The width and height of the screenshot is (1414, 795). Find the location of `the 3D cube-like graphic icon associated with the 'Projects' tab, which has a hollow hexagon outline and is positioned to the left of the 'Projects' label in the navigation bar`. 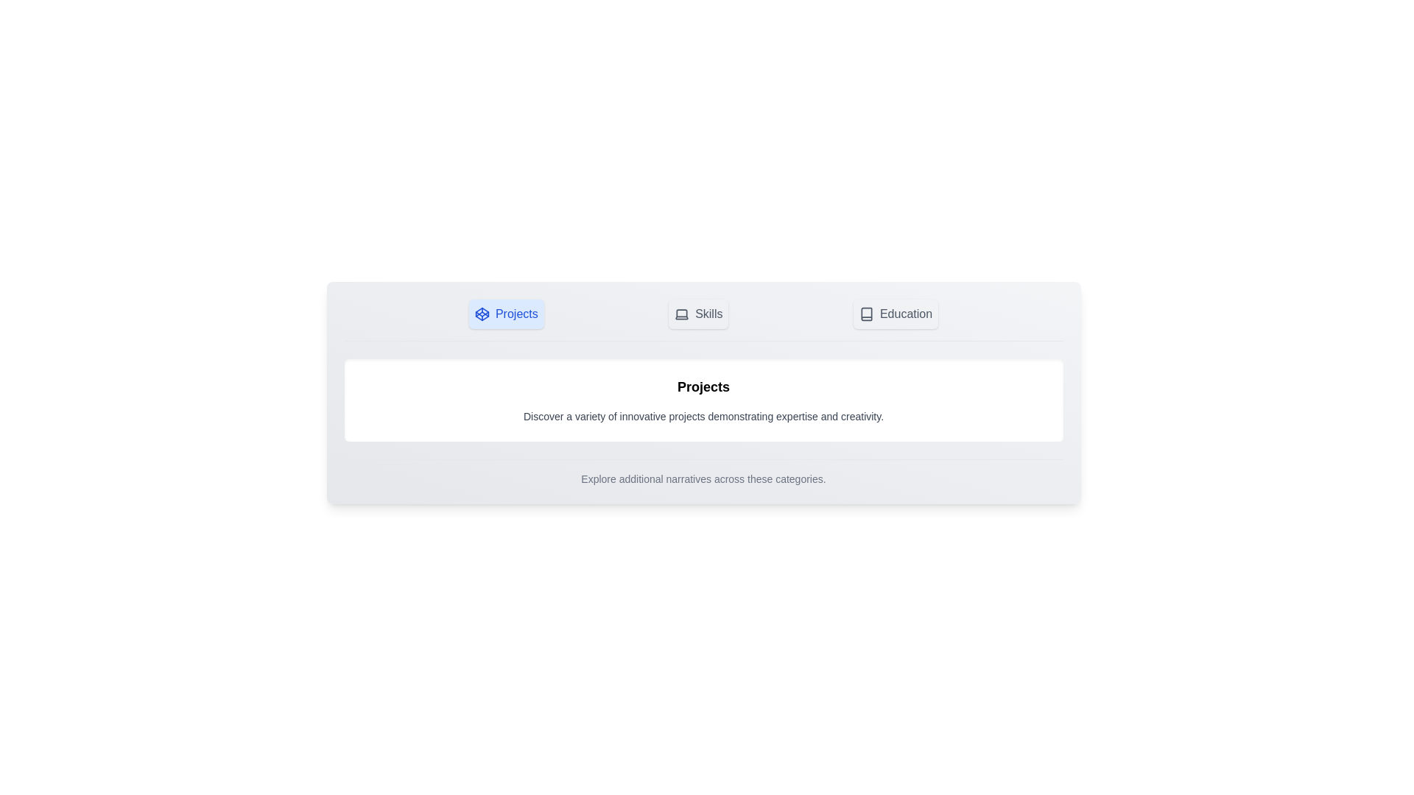

the 3D cube-like graphic icon associated with the 'Projects' tab, which has a hollow hexagon outline and is positioned to the left of the 'Projects' label in the navigation bar is located at coordinates (482, 314).